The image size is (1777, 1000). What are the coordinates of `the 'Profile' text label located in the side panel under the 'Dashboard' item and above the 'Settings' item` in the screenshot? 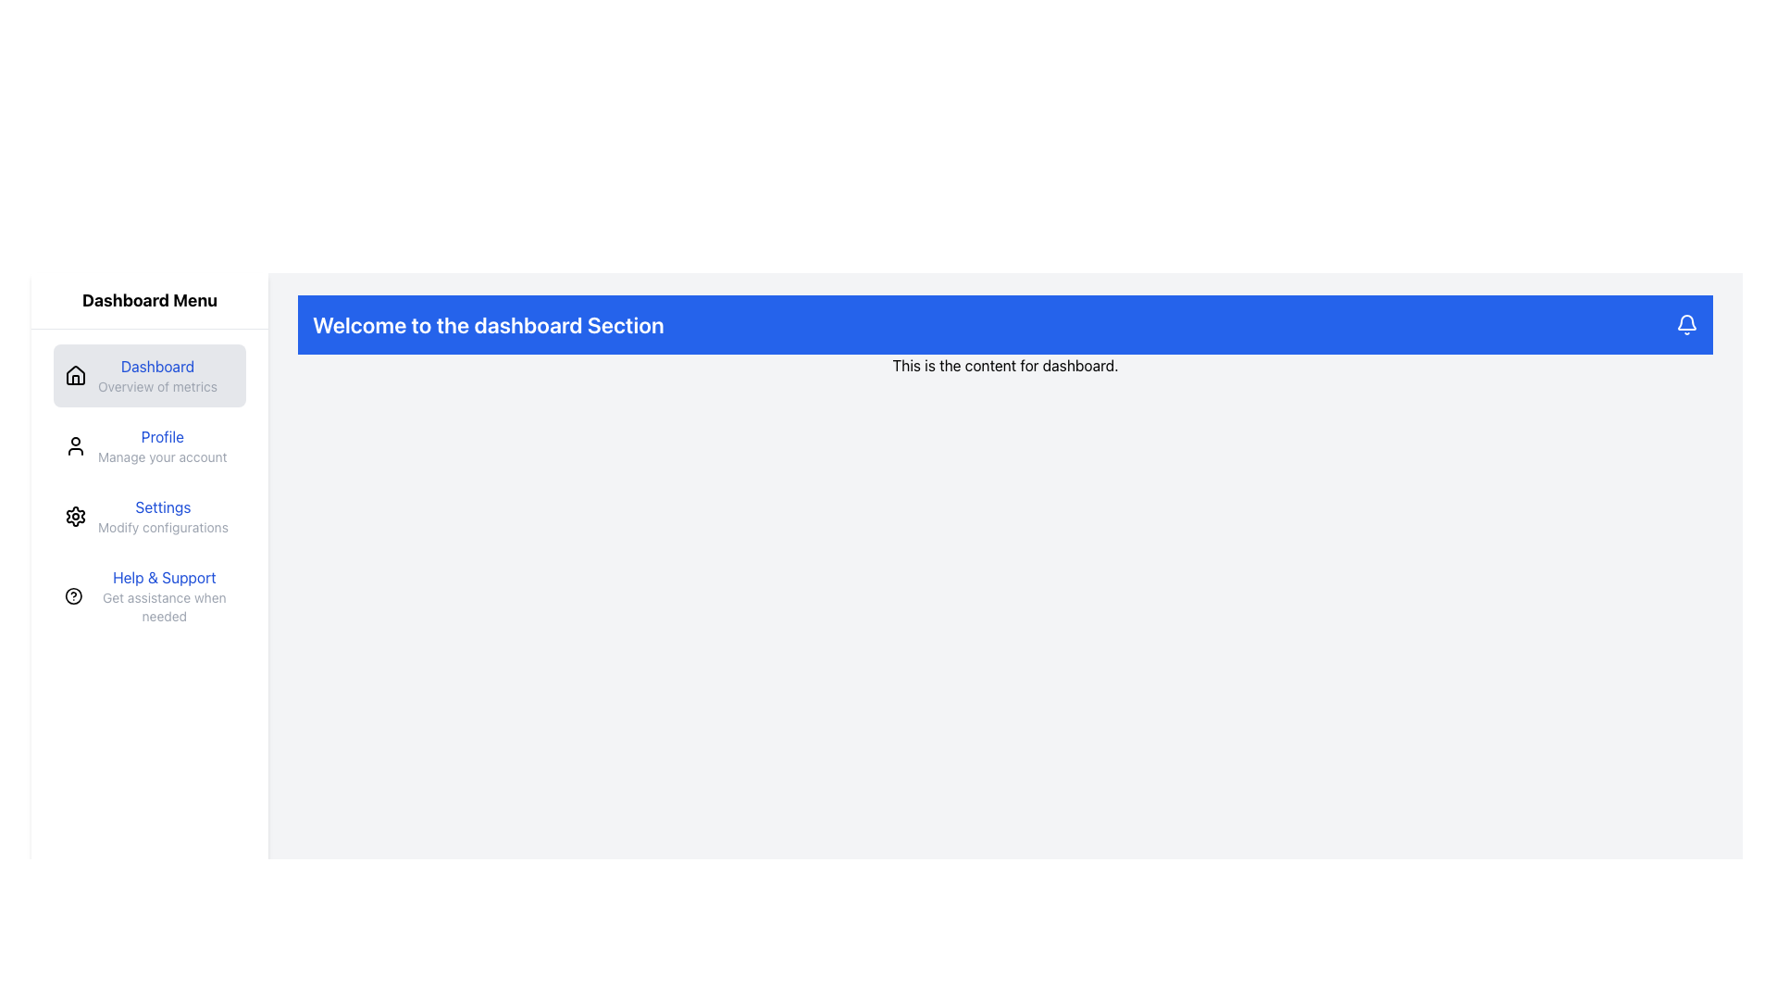 It's located at (162, 446).